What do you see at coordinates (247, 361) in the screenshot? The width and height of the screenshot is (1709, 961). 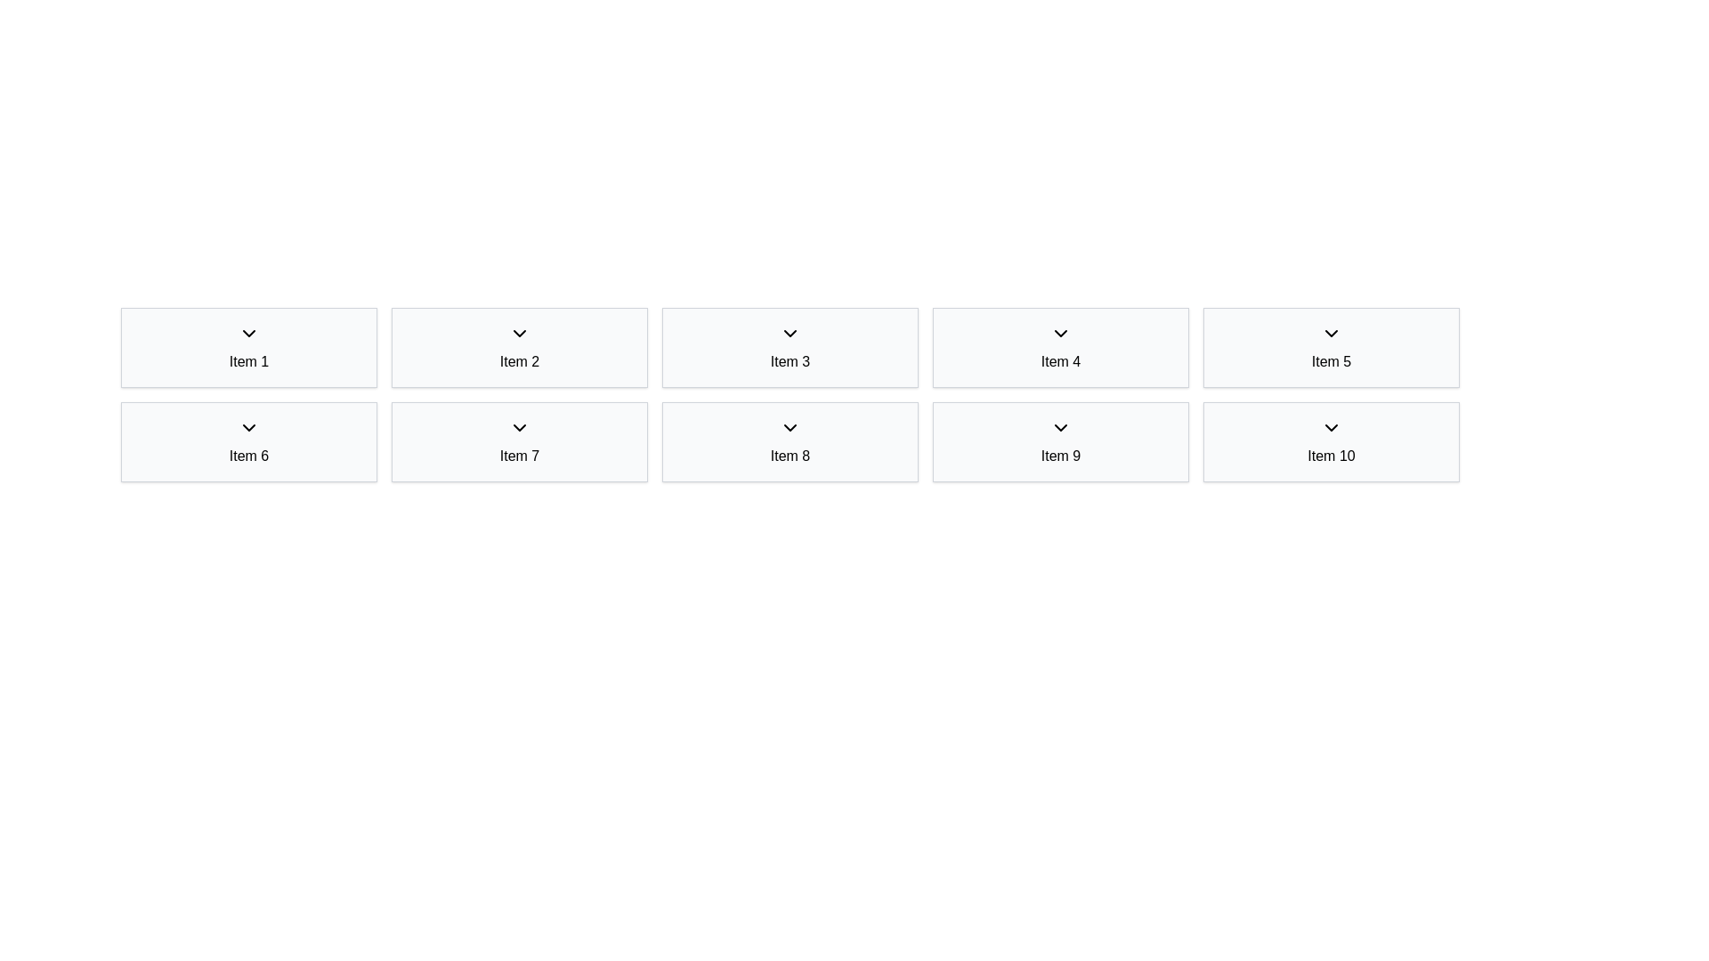 I see `the label that serves as a title for the first grid item, helping users identify its purpose or contents` at bounding box center [247, 361].